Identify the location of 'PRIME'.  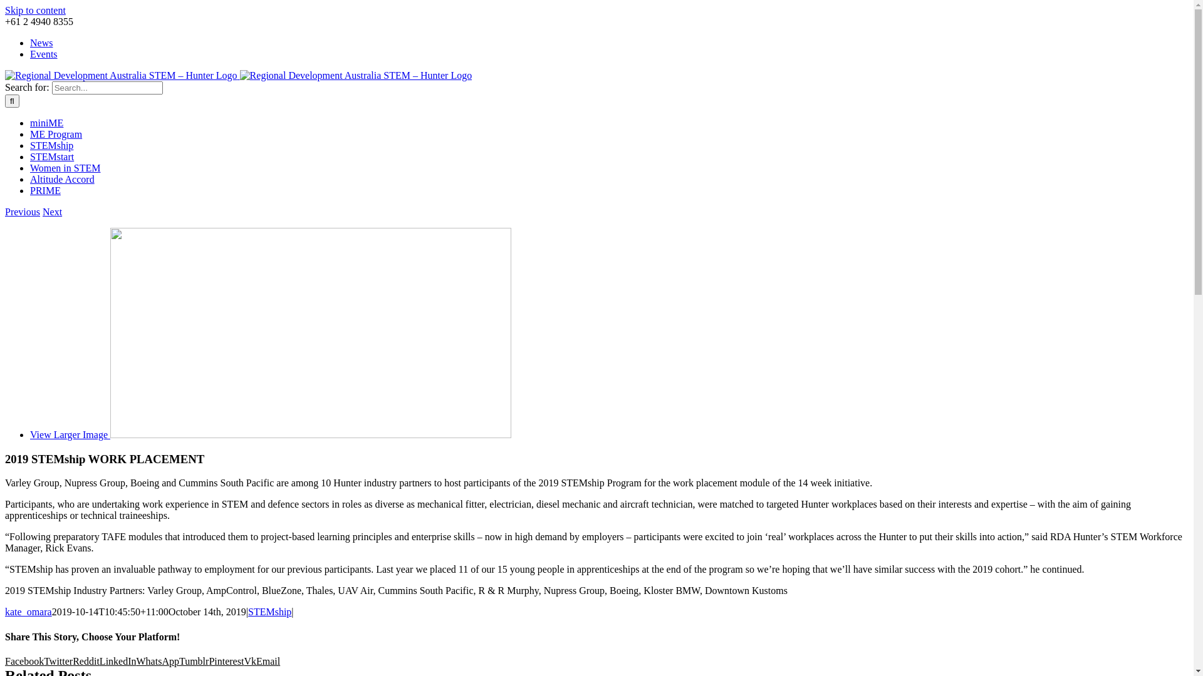
(30, 190).